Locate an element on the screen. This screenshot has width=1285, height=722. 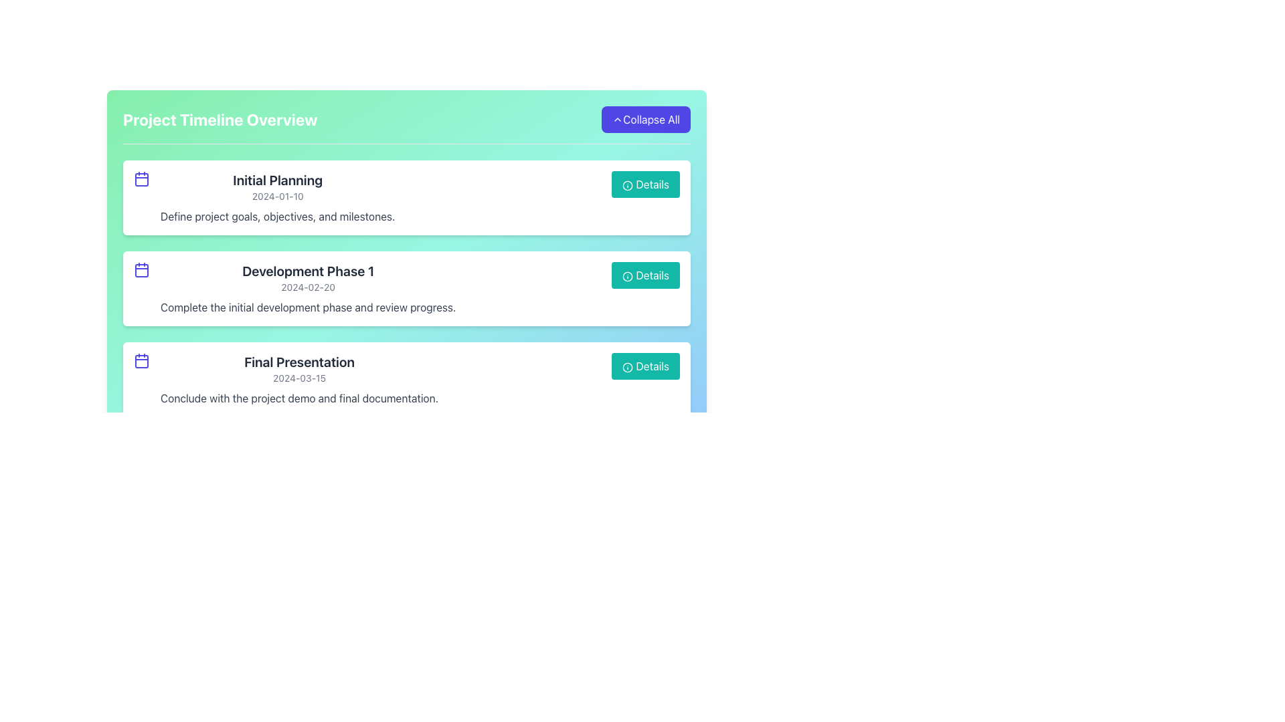
the project milestone card in the 'Project Timeline Overview' section, which is located in the second position below the 'Initial Planning' card and above the 'Final Presentation' card is located at coordinates (406, 288).